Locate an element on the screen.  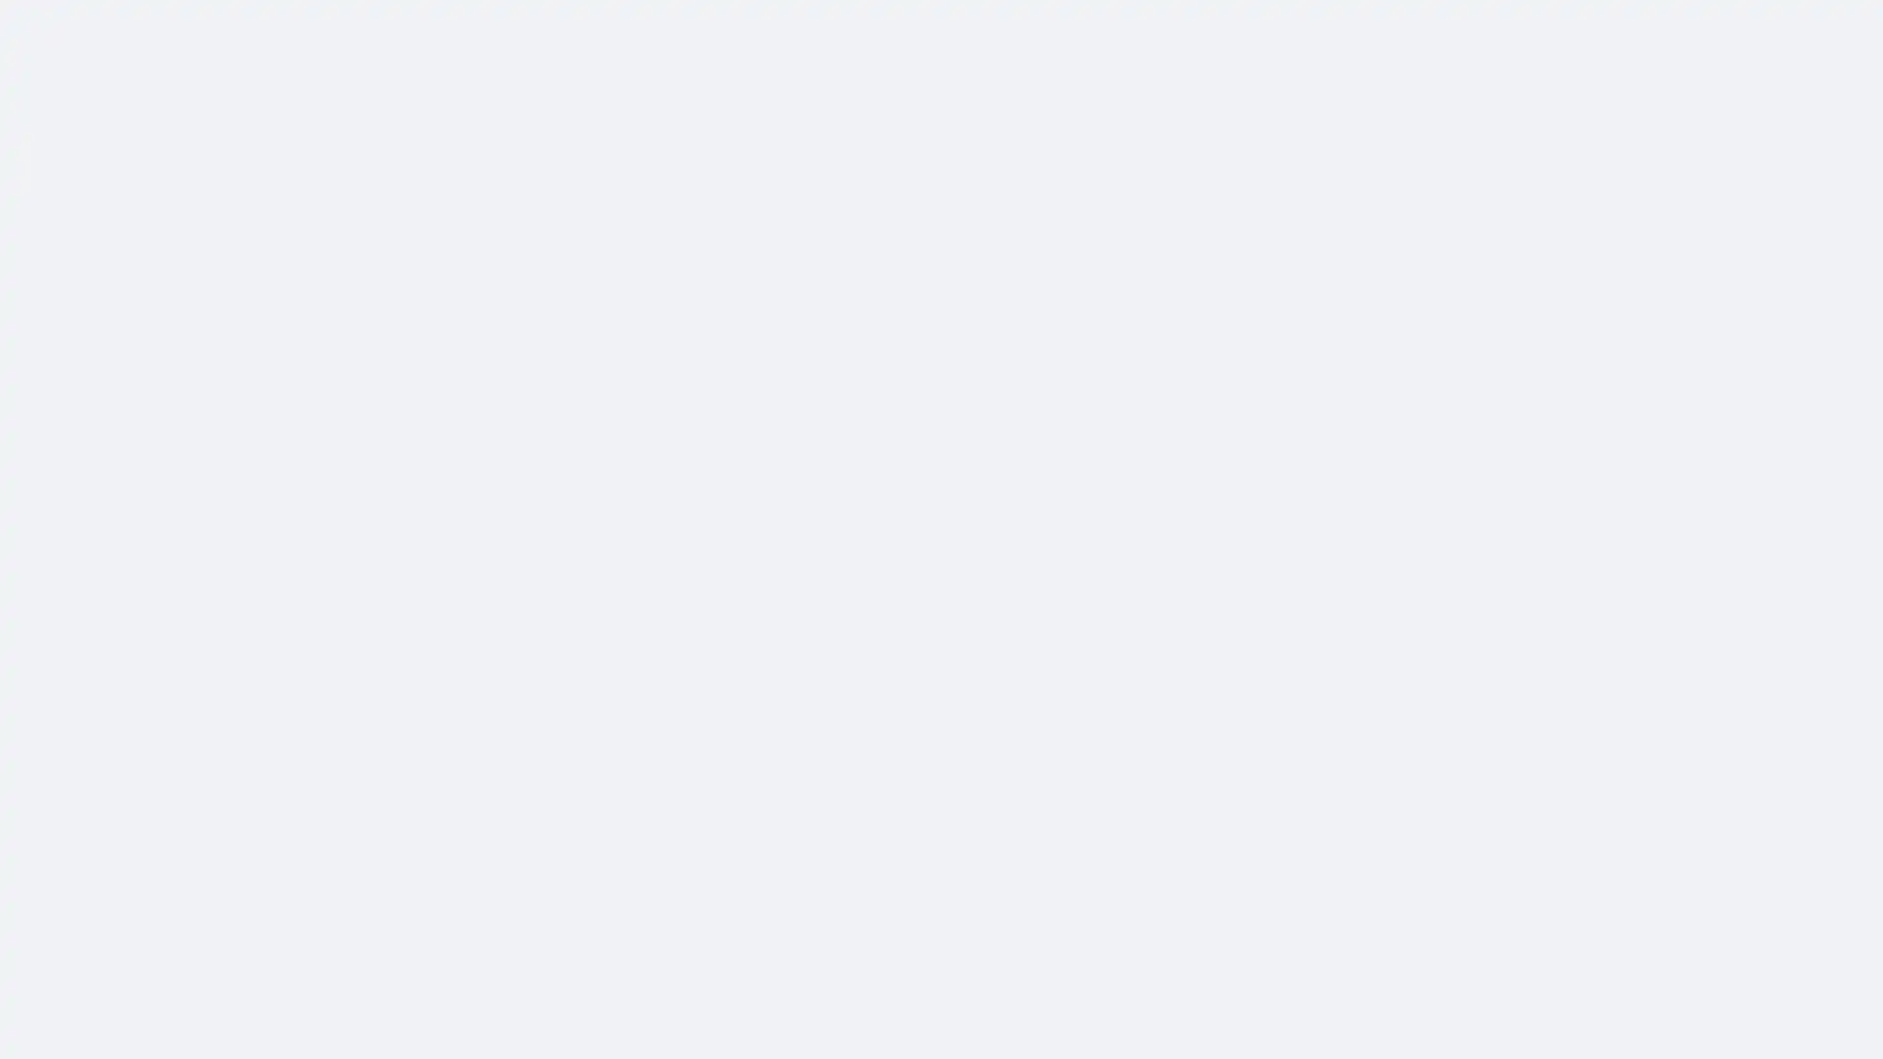
See all is located at coordinates (824, 896).